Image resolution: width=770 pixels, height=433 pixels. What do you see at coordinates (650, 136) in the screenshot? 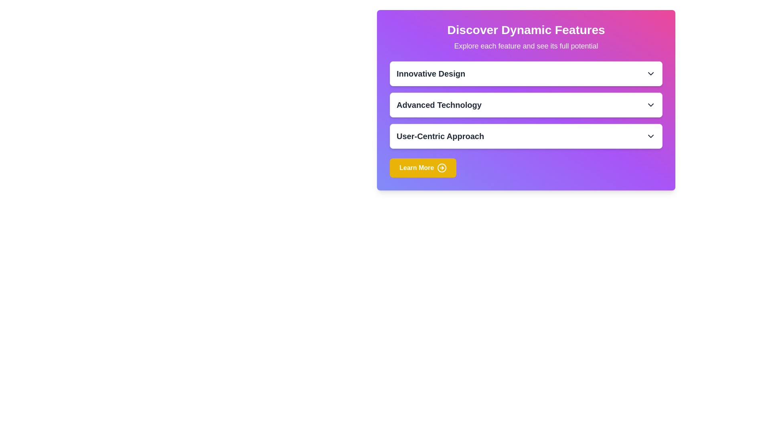
I see `the Chevron Down icon within the 'User-Centric Approach' dropdown menu` at bounding box center [650, 136].